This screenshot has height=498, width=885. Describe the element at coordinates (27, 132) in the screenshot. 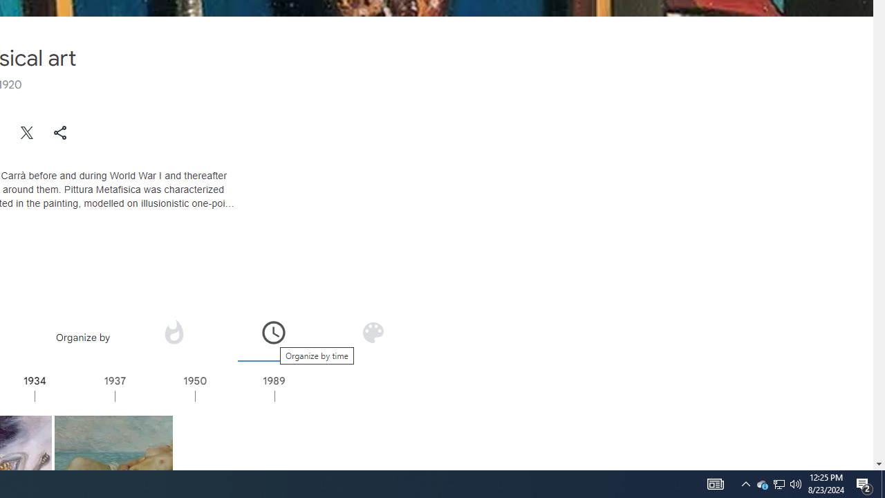

I see `'Share on Twitter'` at that location.